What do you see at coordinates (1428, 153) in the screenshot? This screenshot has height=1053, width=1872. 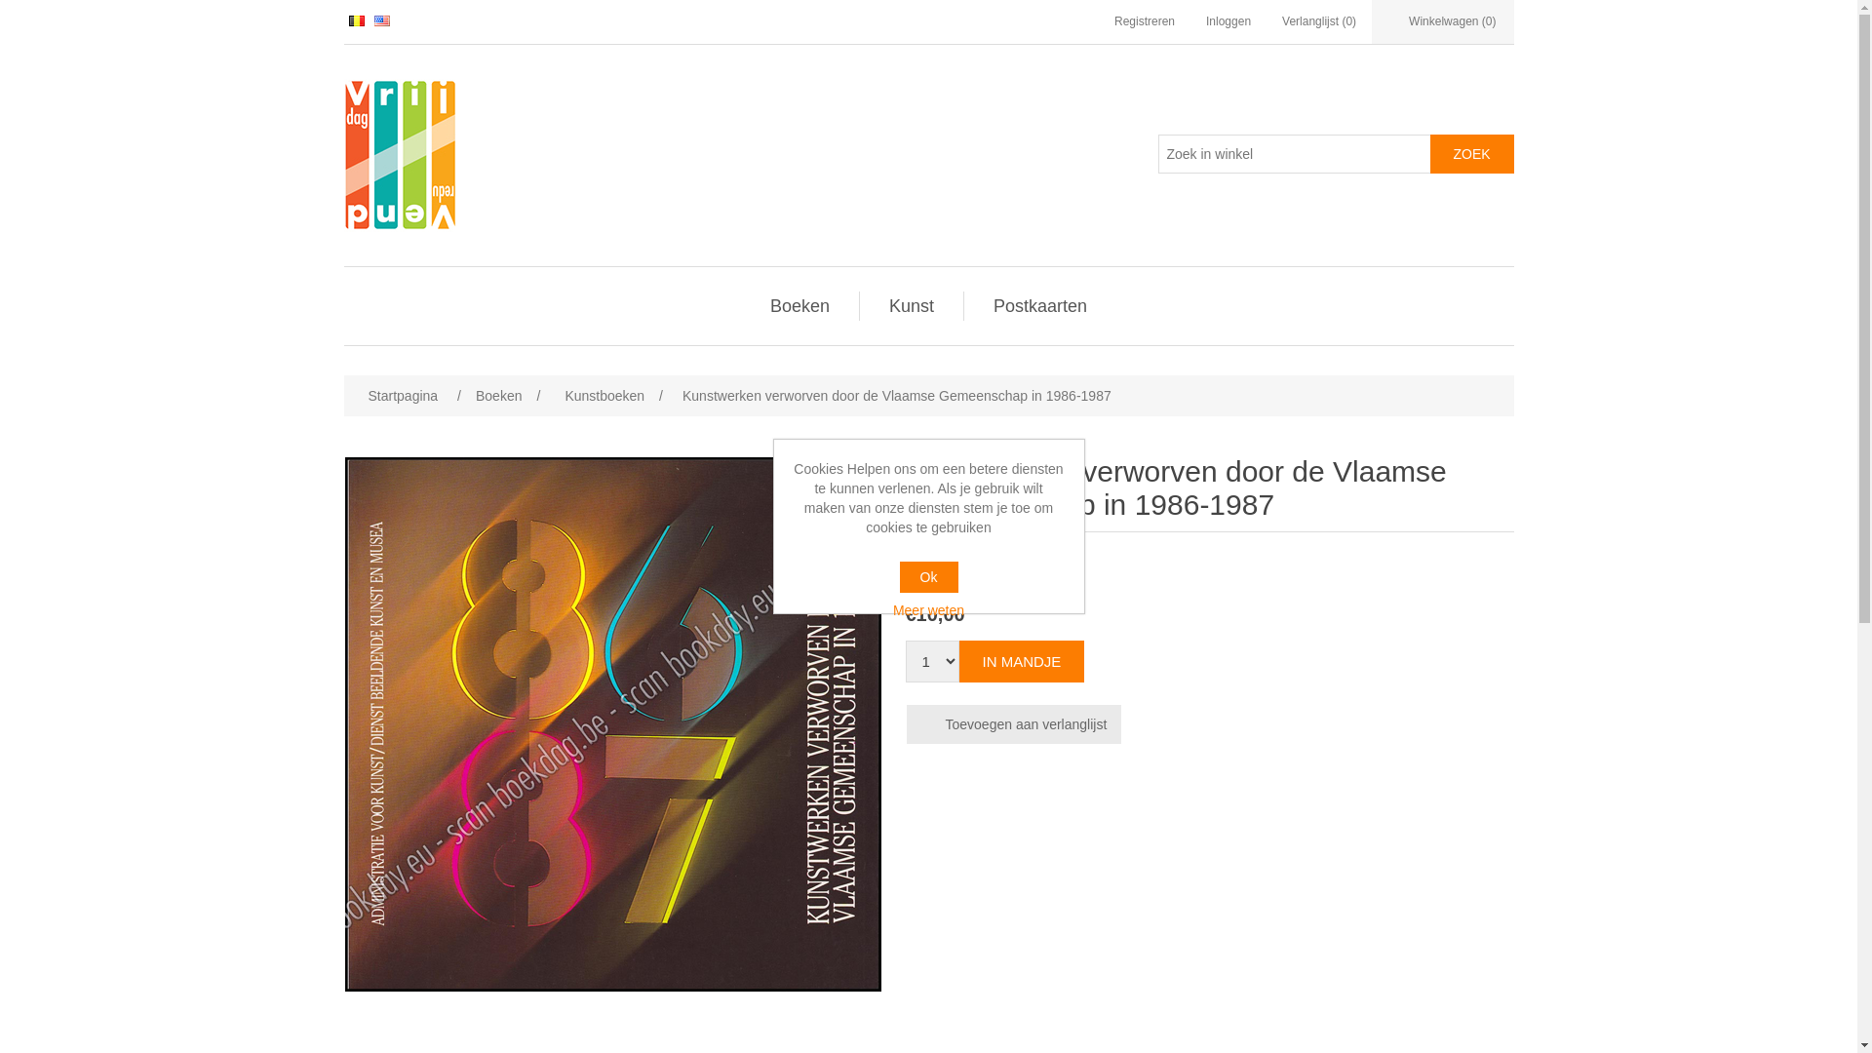 I see `'Zoek'` at bounding box center [1428, 153].